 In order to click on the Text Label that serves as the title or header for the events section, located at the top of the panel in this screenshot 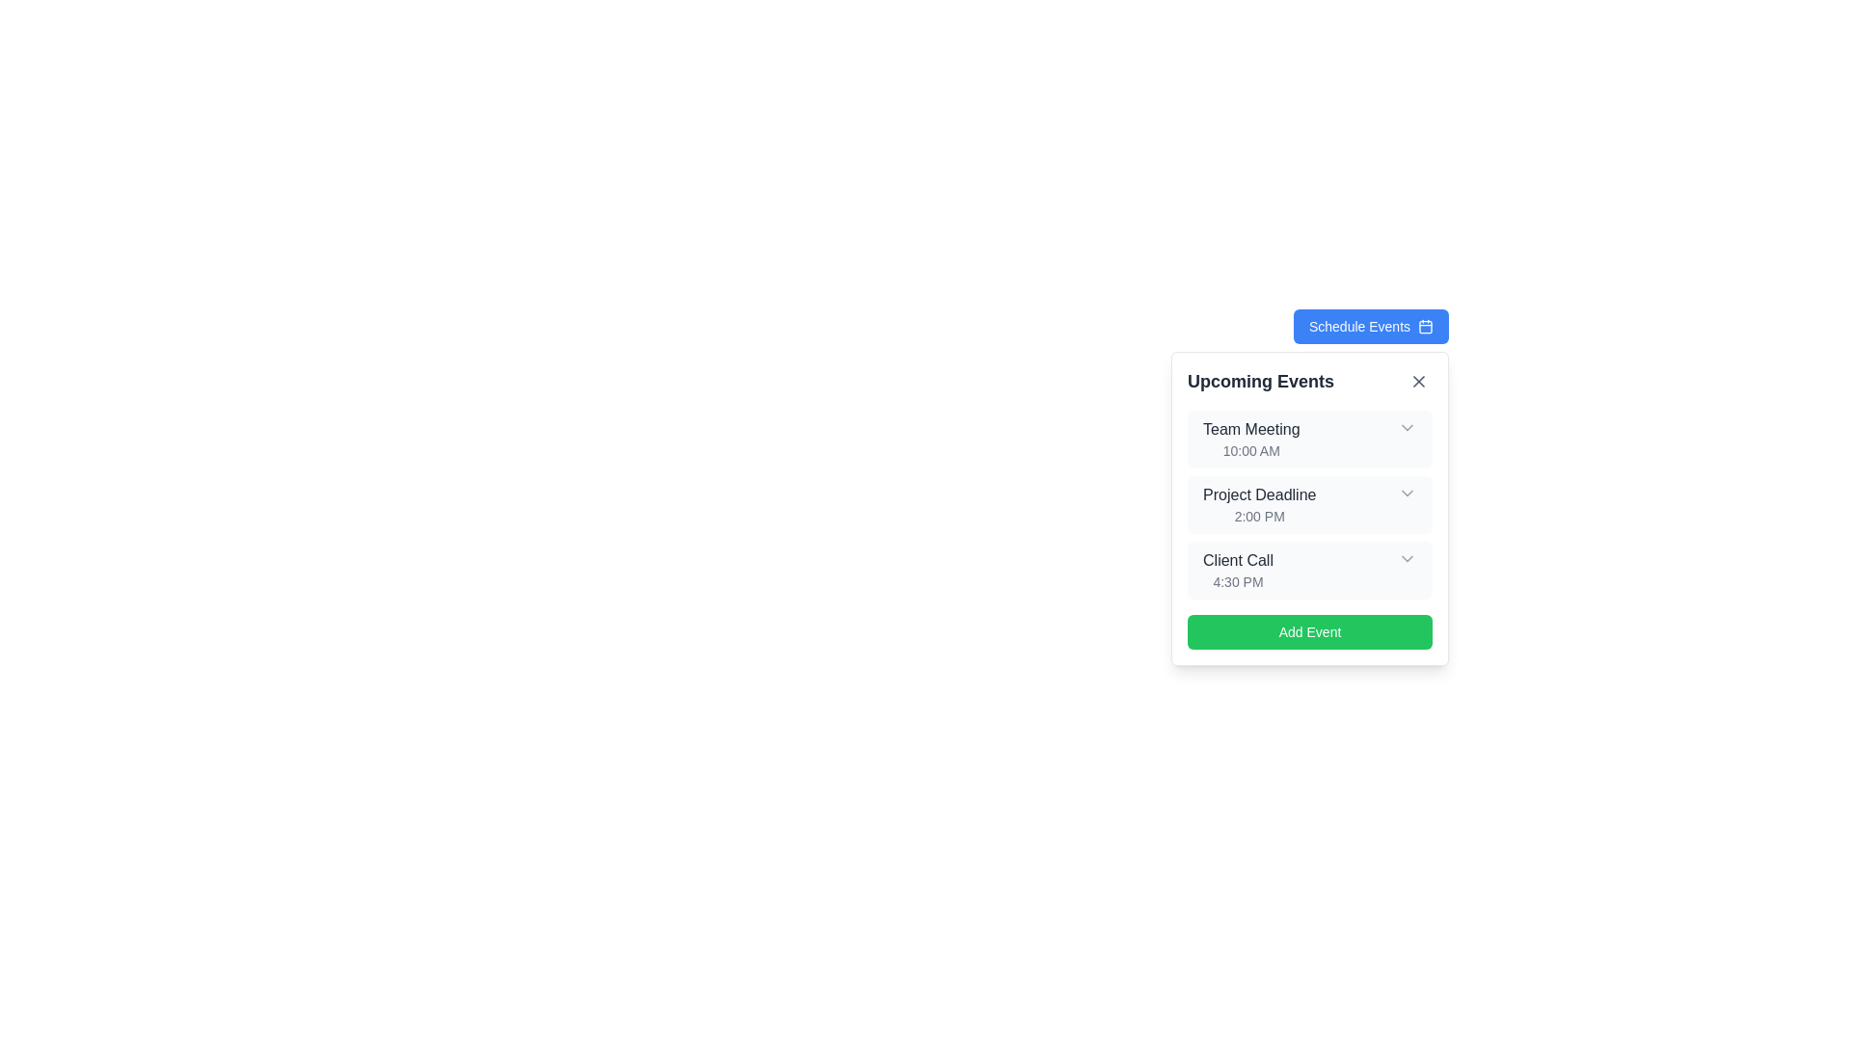, I will do `click(1261, 382)`.